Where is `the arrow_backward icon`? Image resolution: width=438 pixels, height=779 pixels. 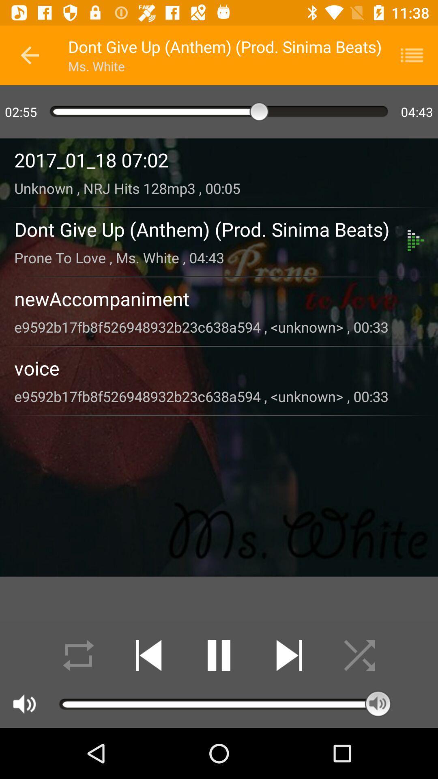 the arrow_backward icon is located at coordinates (29, 55).